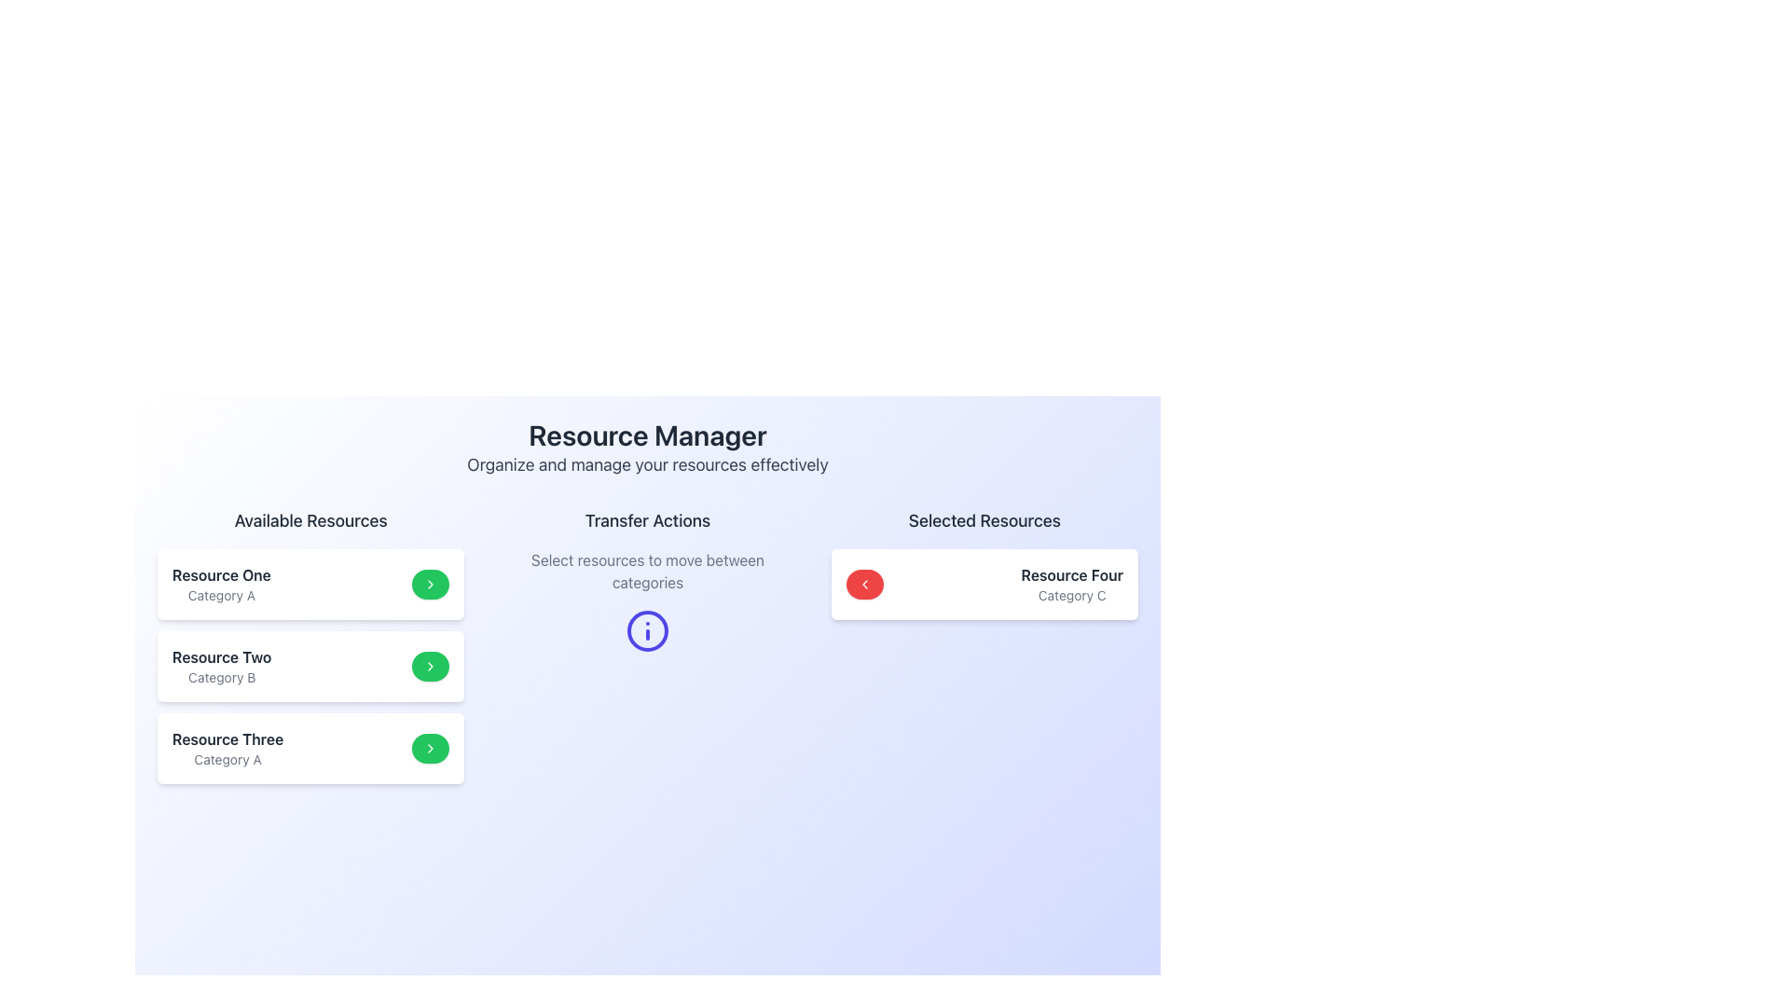 This screenshot has height=1007, width=1790. I want to click on the arrow button within the List of items with interactive buttons located in the left-most column, second section from the top, so click(310, 645).